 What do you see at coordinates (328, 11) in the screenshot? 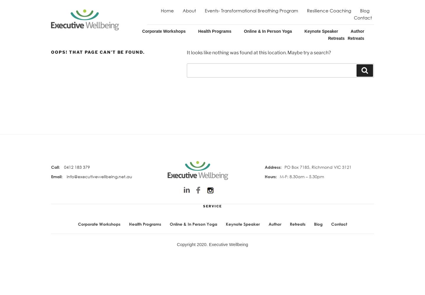
I see `'Resilience Coaching'` at bounding box center [328, 11].